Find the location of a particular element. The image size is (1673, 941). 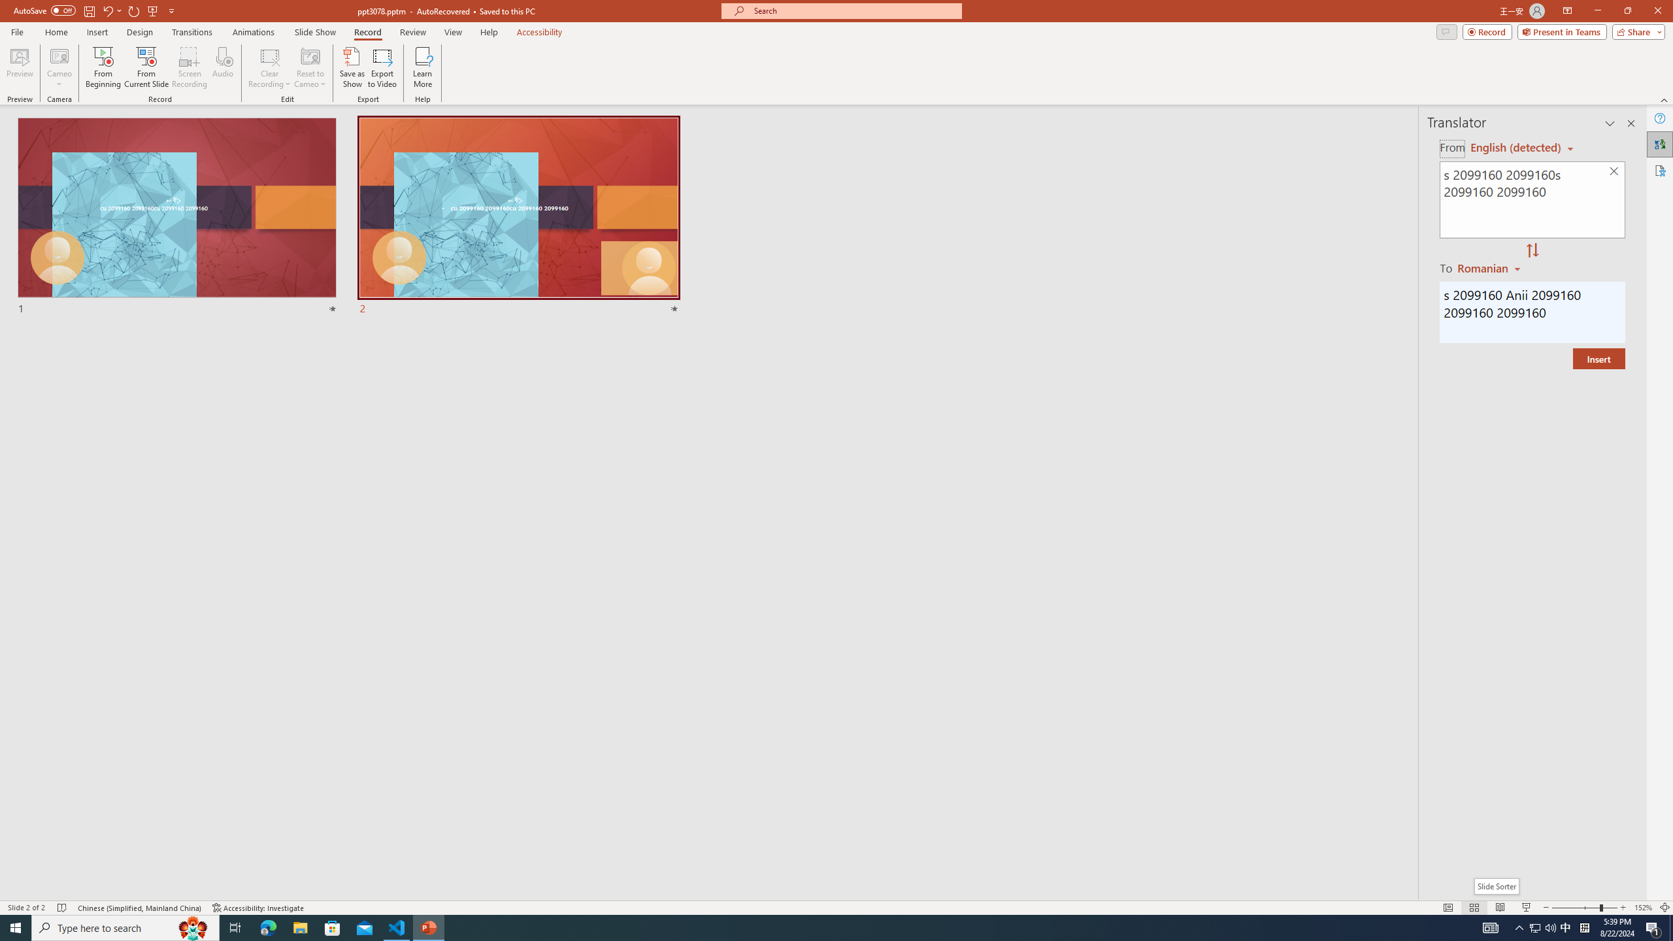

'Clear text' is located at coordinates (1614, 172).